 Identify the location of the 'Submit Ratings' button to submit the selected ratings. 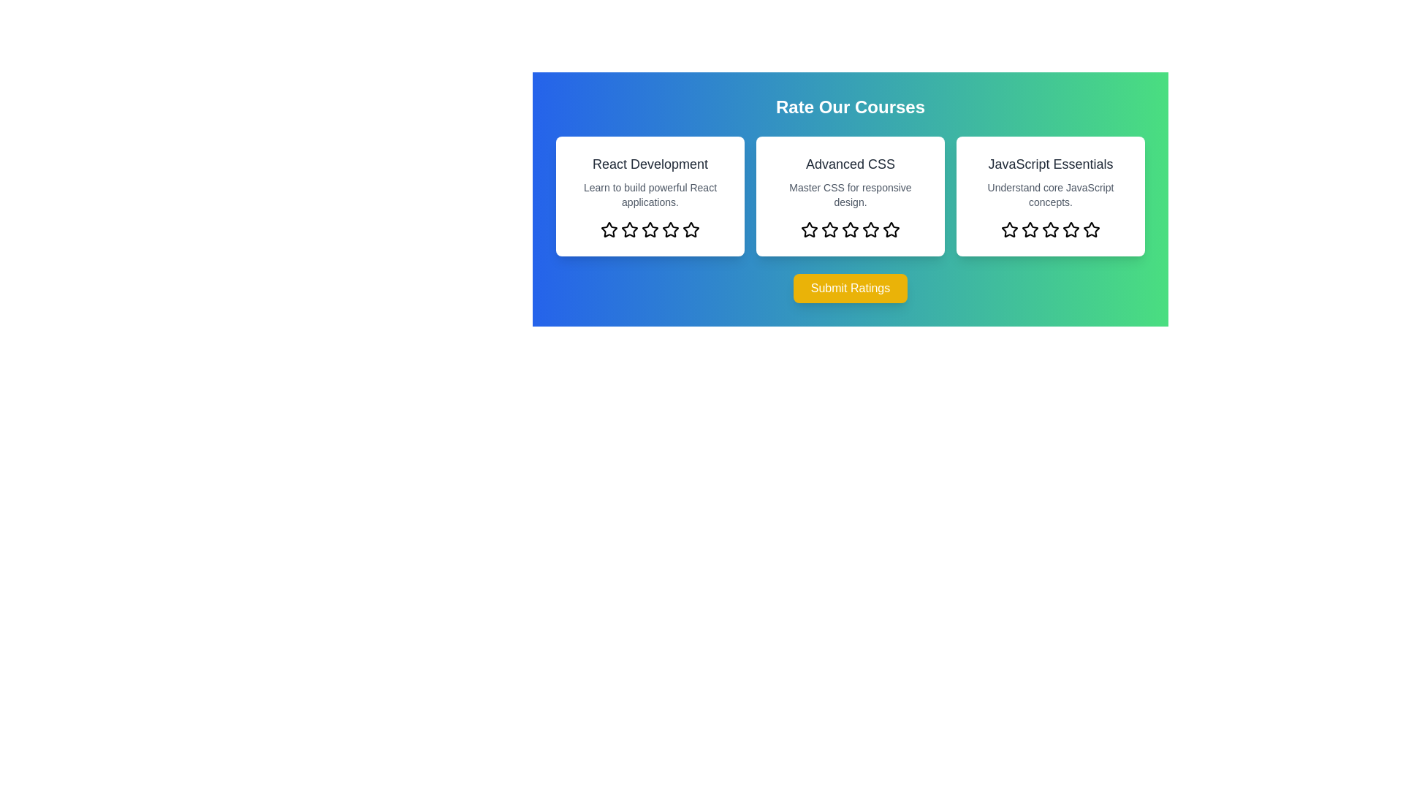
(850, 288).